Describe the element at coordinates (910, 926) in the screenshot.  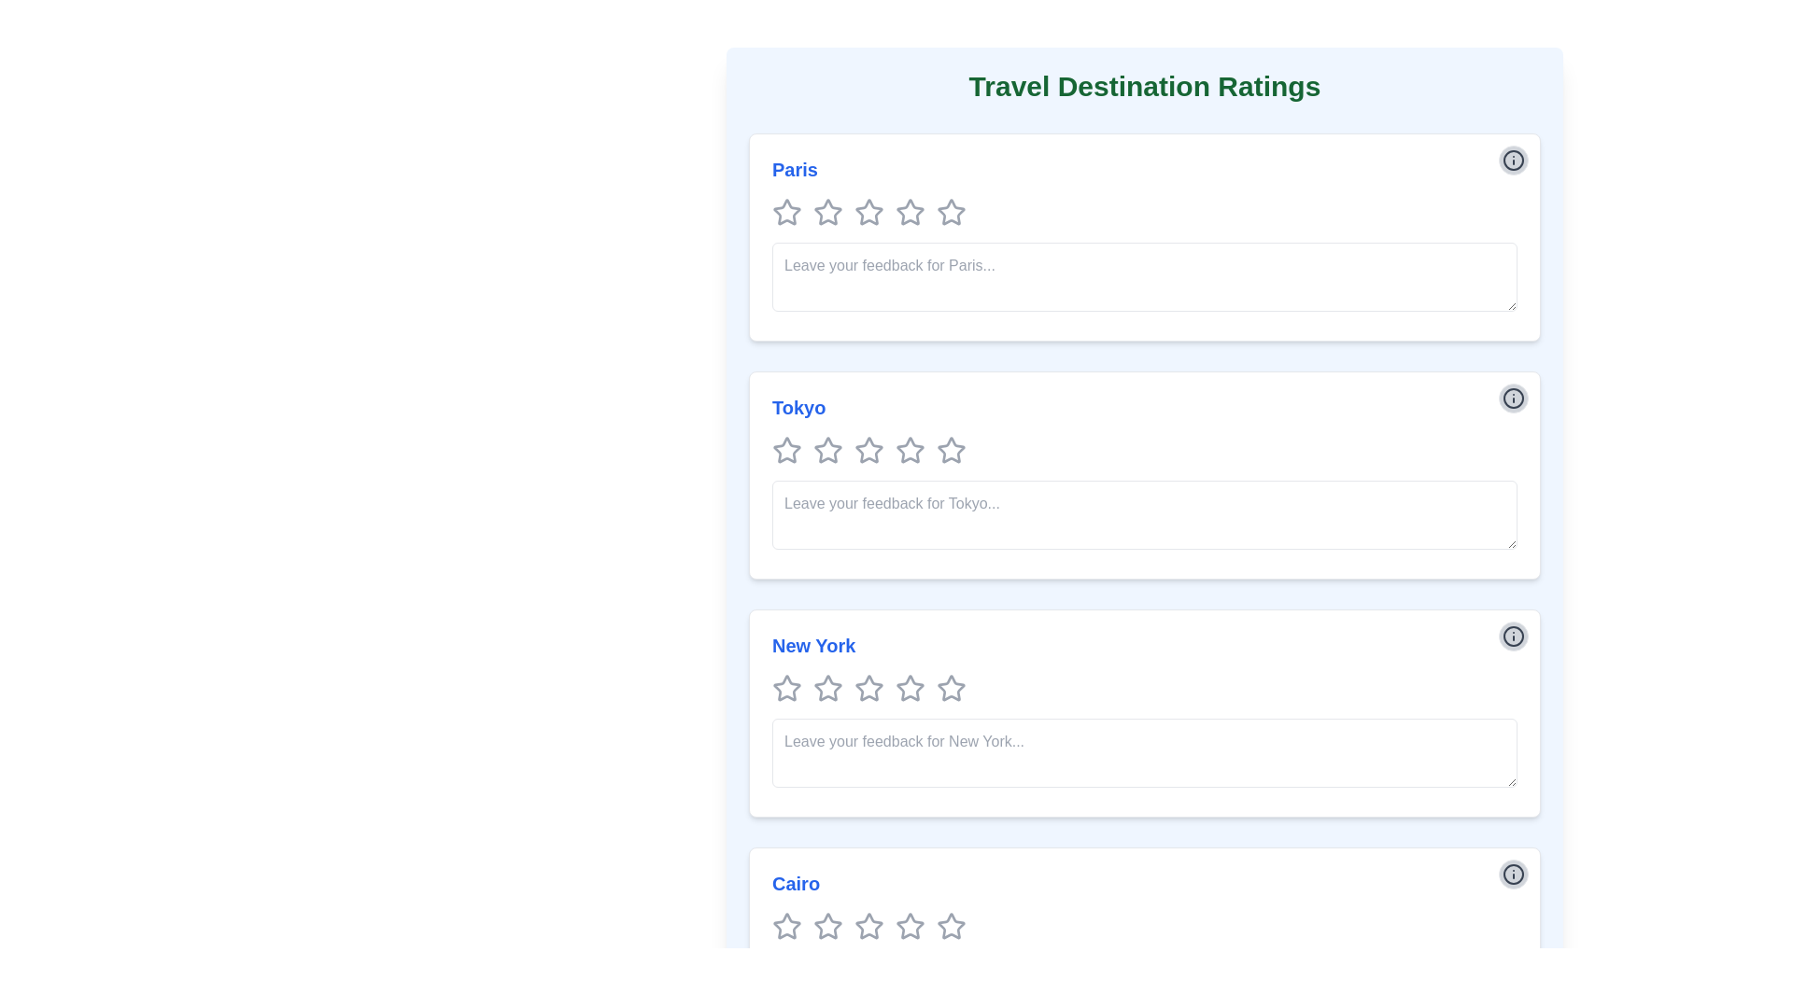
I see `the fifth rating star icon in the 'Cairo' rating section` at that location.